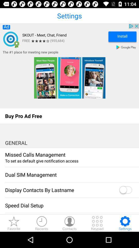  Describe the element at coordinates (14, 223) in the screenshot. I see `to favourites` at that location.